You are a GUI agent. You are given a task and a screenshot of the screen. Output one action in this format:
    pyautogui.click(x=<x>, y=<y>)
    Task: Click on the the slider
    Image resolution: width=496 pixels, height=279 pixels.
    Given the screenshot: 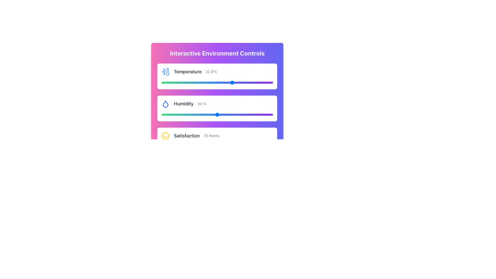 What is the action you would take?
    pyautogui.click(x=166, y=82)
    